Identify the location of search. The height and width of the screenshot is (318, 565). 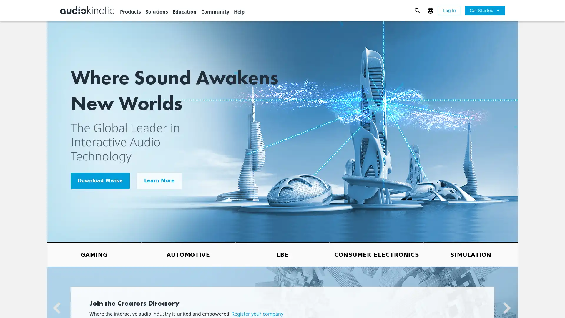
(417, 10).